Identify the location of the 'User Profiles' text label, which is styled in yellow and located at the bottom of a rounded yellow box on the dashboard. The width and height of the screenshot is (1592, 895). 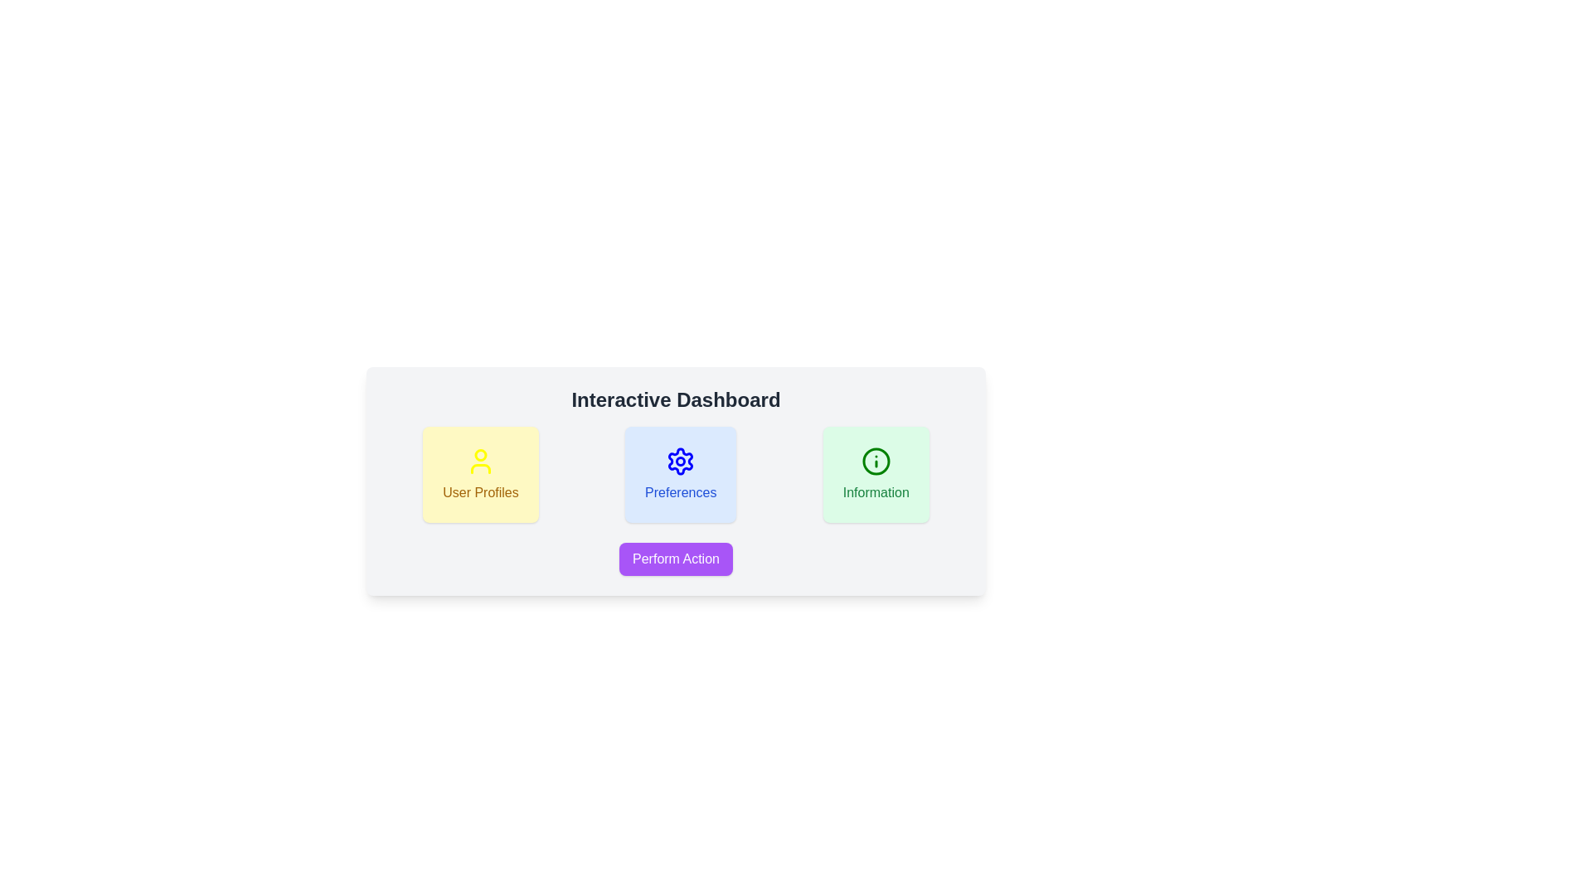
(480, 491).